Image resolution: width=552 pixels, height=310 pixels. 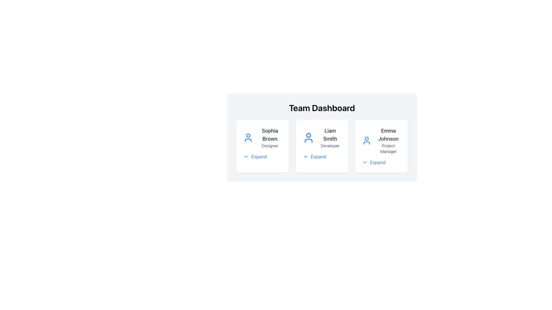 I want to click on the 'Expand' button under the name 'Liam Smith' by tabbing to it, so click(x=314, y=157).